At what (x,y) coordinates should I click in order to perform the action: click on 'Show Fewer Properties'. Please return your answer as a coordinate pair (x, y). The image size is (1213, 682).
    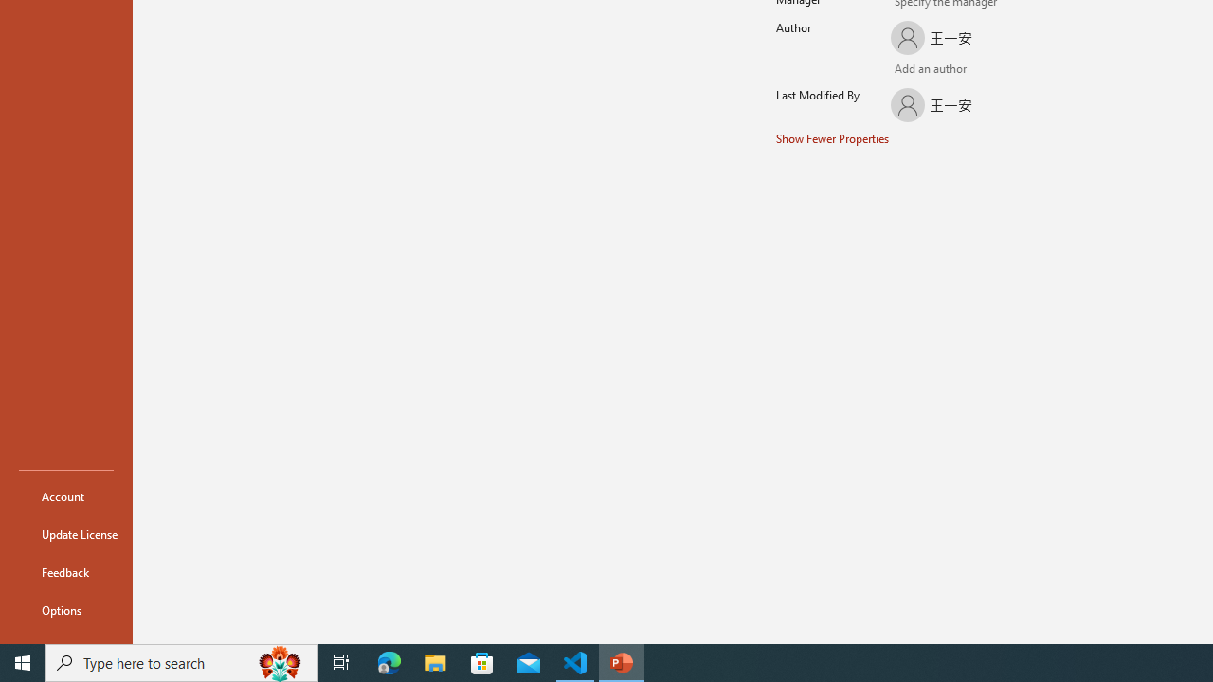
    Looking at the image, I should click on (833, 137).